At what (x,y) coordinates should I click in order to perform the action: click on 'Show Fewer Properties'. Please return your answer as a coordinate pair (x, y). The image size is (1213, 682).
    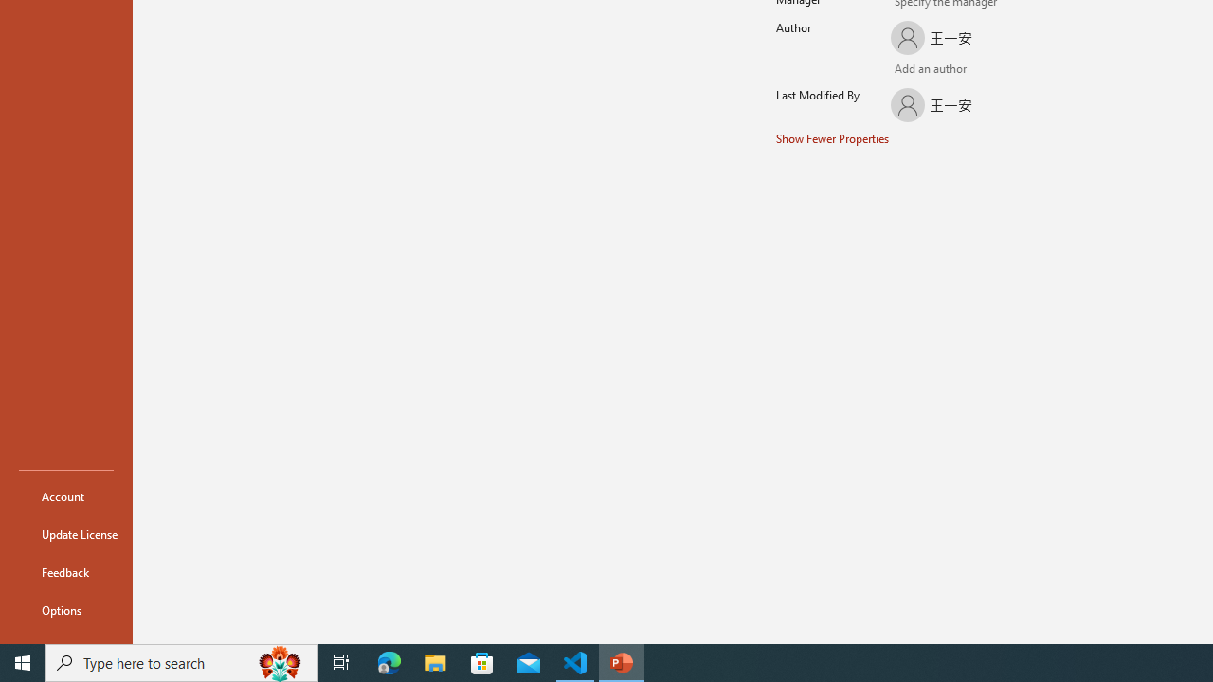
    Looking at the image, I should click on (833, 137).